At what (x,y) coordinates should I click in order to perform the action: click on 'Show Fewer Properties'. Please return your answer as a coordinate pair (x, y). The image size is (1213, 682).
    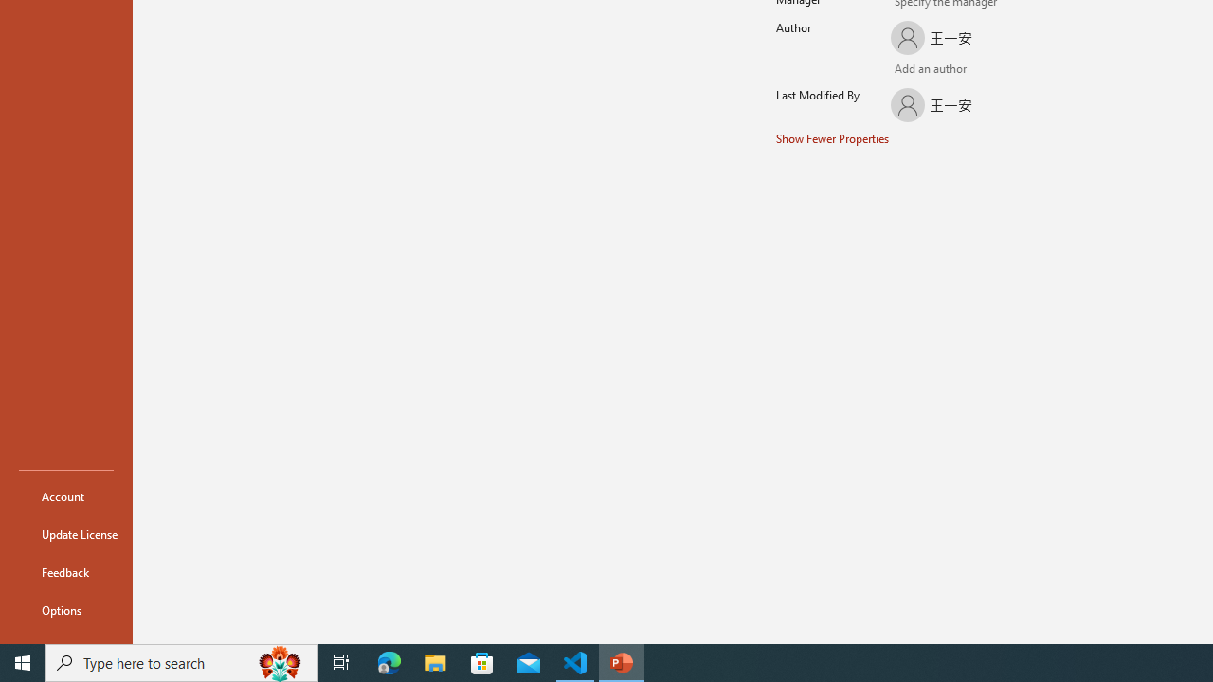
    Looking at the image, I should click on (833, 137).